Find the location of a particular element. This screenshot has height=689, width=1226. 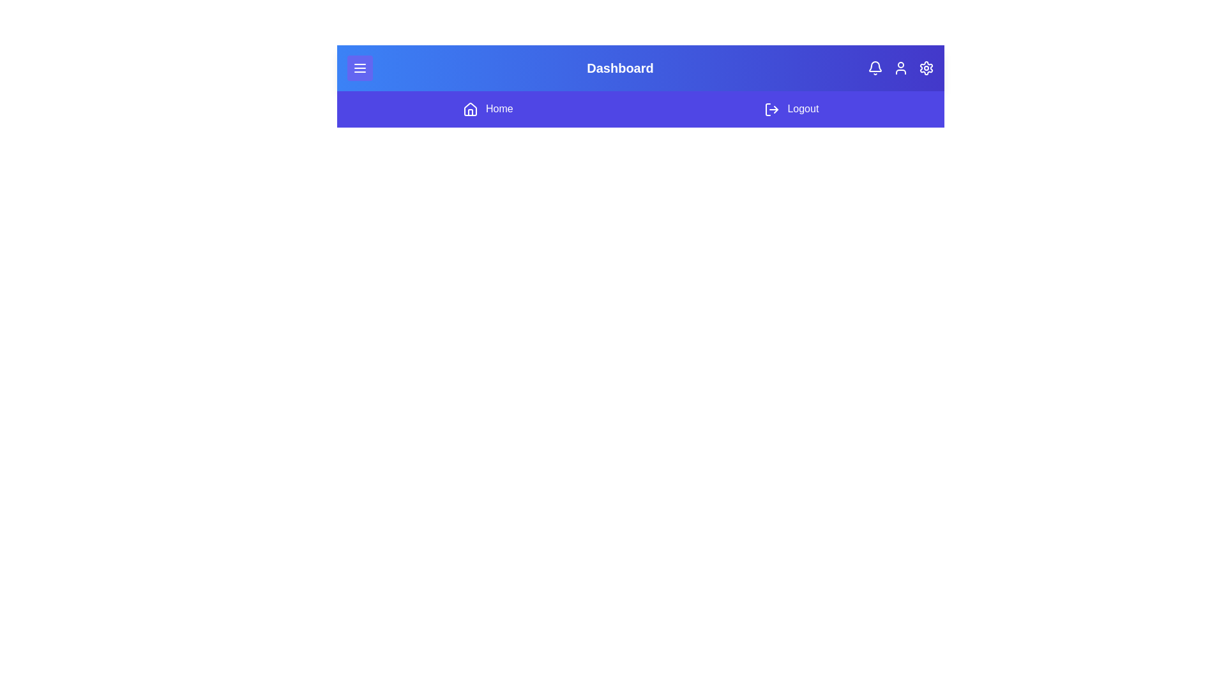

the 'Logout' menu item to log out is located at coordinates (791, 108).